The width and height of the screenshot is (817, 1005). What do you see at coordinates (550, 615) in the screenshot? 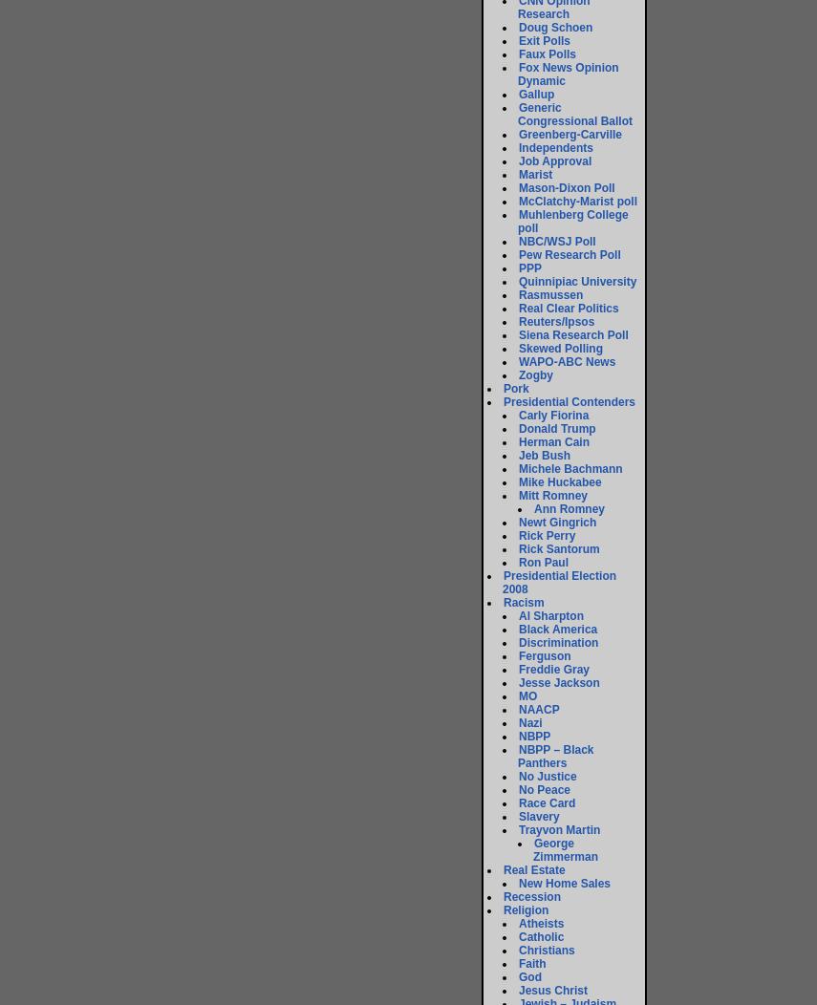
I see `'Al Sharpton'` at bounding box center [550, 615].